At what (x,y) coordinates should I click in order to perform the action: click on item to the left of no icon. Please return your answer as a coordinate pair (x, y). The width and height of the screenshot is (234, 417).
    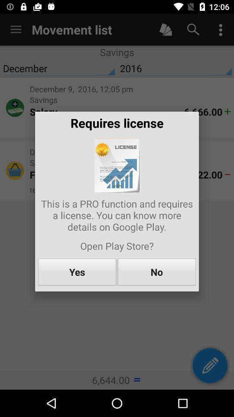
    Looking at the image, I should click on (77, 271).